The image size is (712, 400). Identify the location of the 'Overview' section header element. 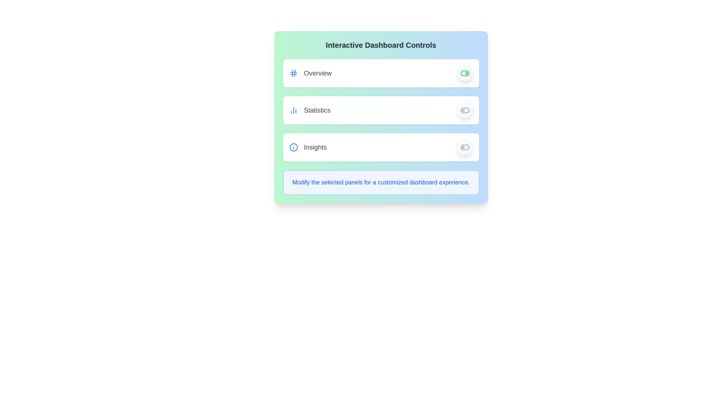
(310, 73).